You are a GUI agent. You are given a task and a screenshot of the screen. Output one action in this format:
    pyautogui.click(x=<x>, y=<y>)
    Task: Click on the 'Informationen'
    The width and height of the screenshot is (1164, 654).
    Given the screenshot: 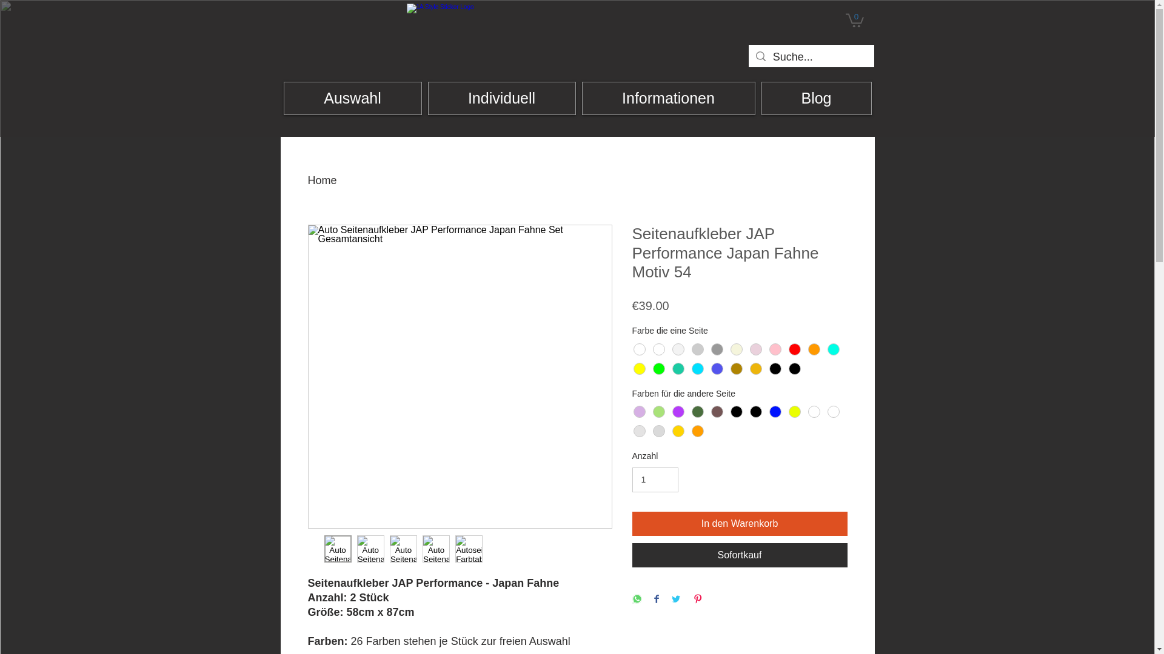 What is the action you would take?
    pyautogui.click(x=668, y=97)
    